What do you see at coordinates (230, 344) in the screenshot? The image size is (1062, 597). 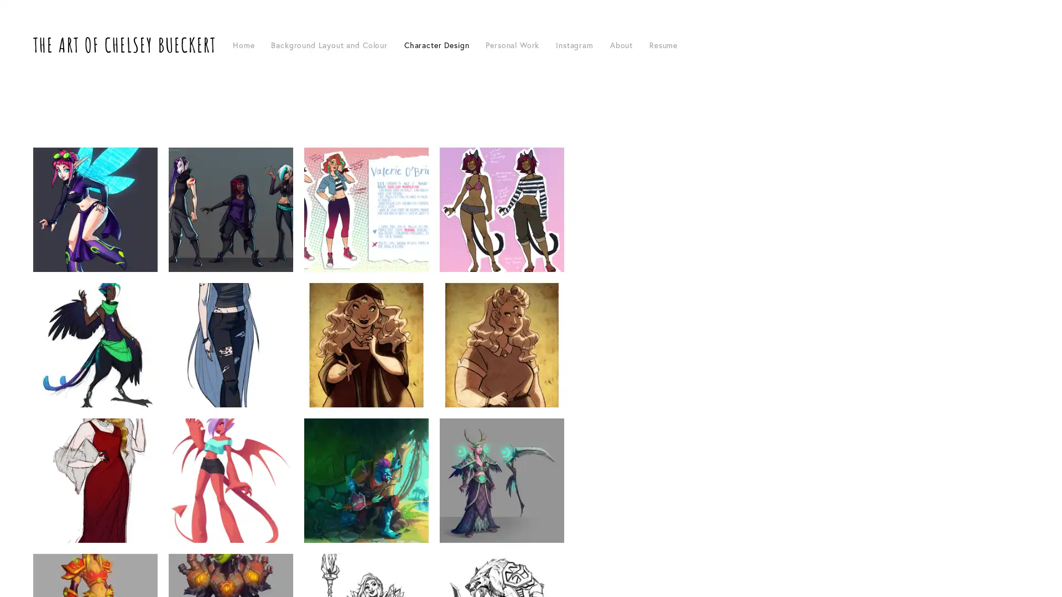 I see `View fullsize laurfullbody.png` at bounding box center [230, 344].